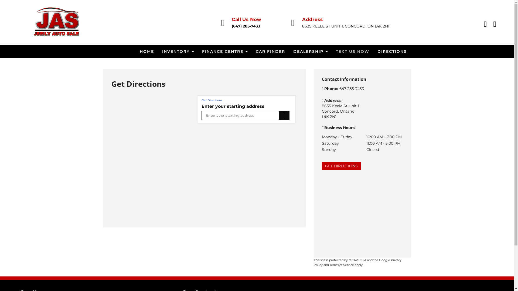 This screenshot has width=518, height=291. Describe the element at coordinates (331, 51) in the screenshot. I see `'TEXT US NOW'` at that location.